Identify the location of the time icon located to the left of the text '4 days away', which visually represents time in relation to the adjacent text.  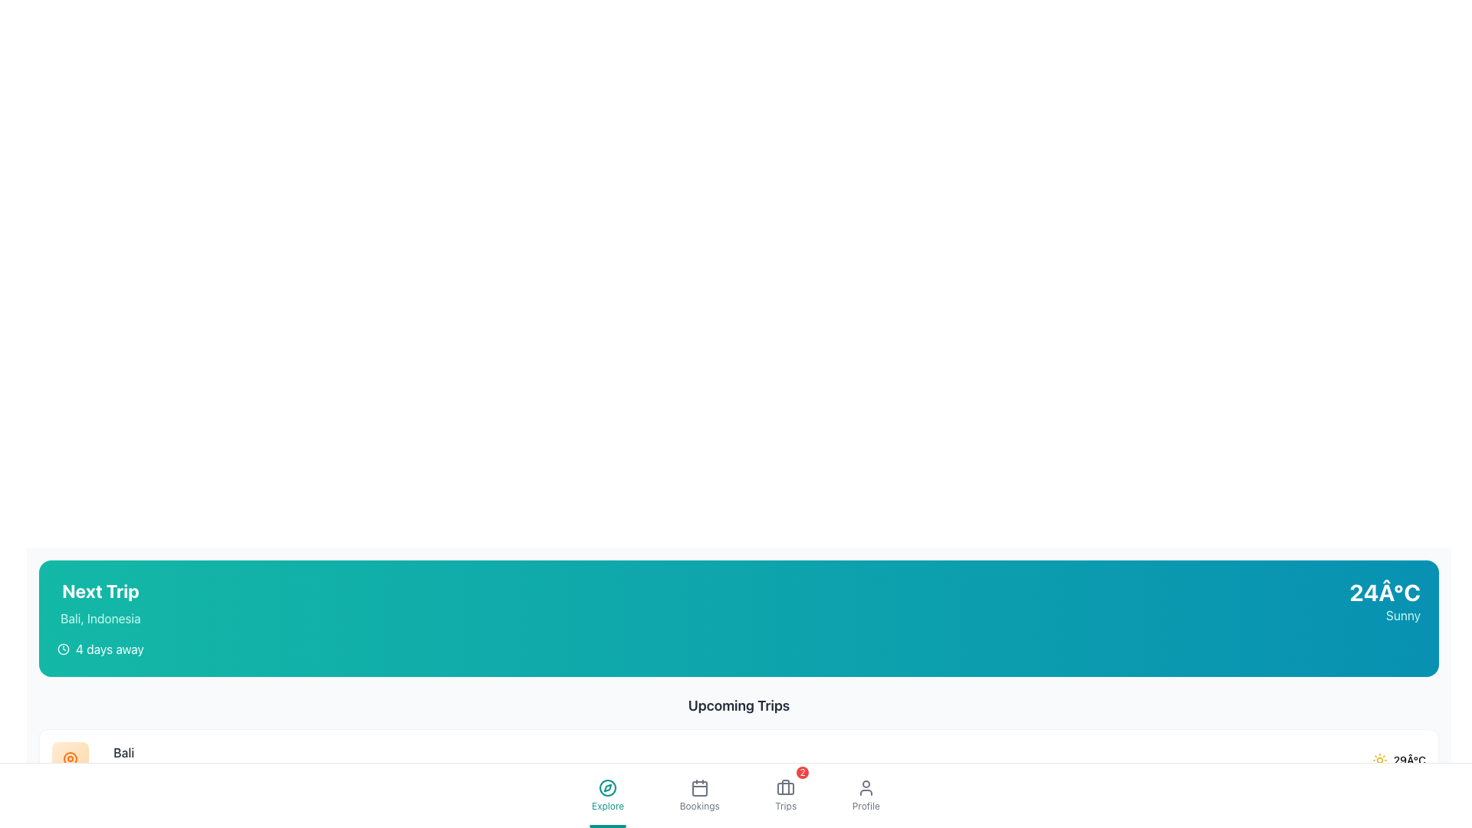
(62, 649).